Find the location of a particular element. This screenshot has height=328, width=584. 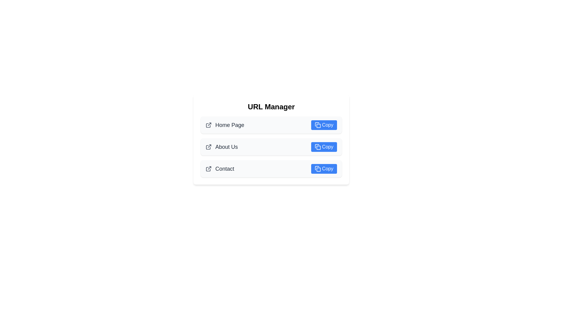

the copy icon located inside the 'Copy' button at the top-right corner of the 'Home Page' entry under the 'URL Manager' header is located at coordinates (317, 125).